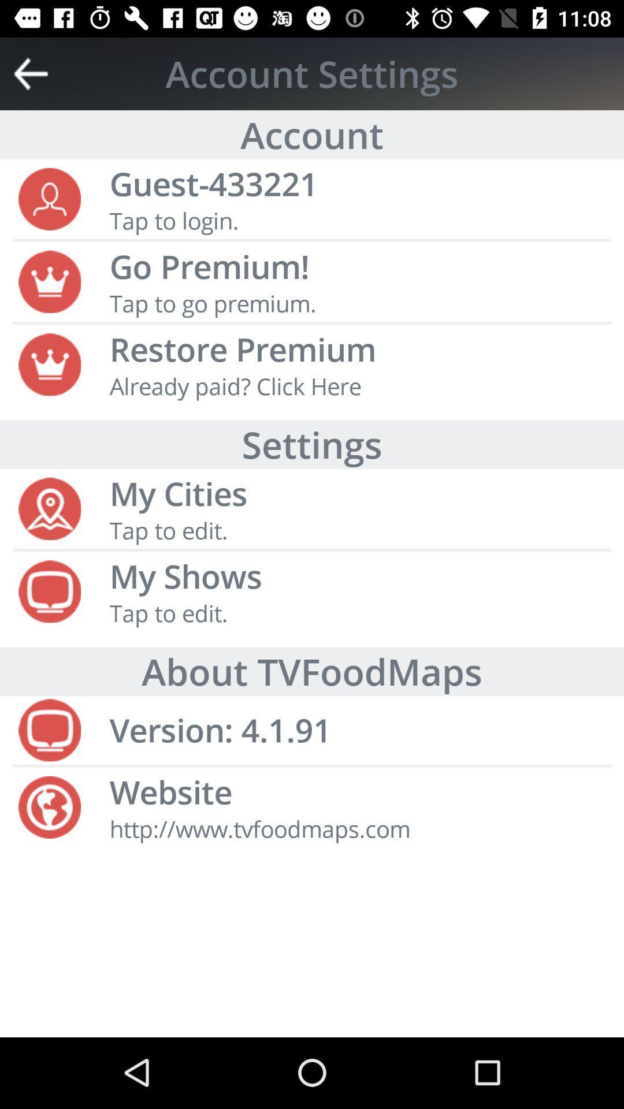 This screenshot has width=624, height=1109. I want to click on the chat icon, so click(49, 590).